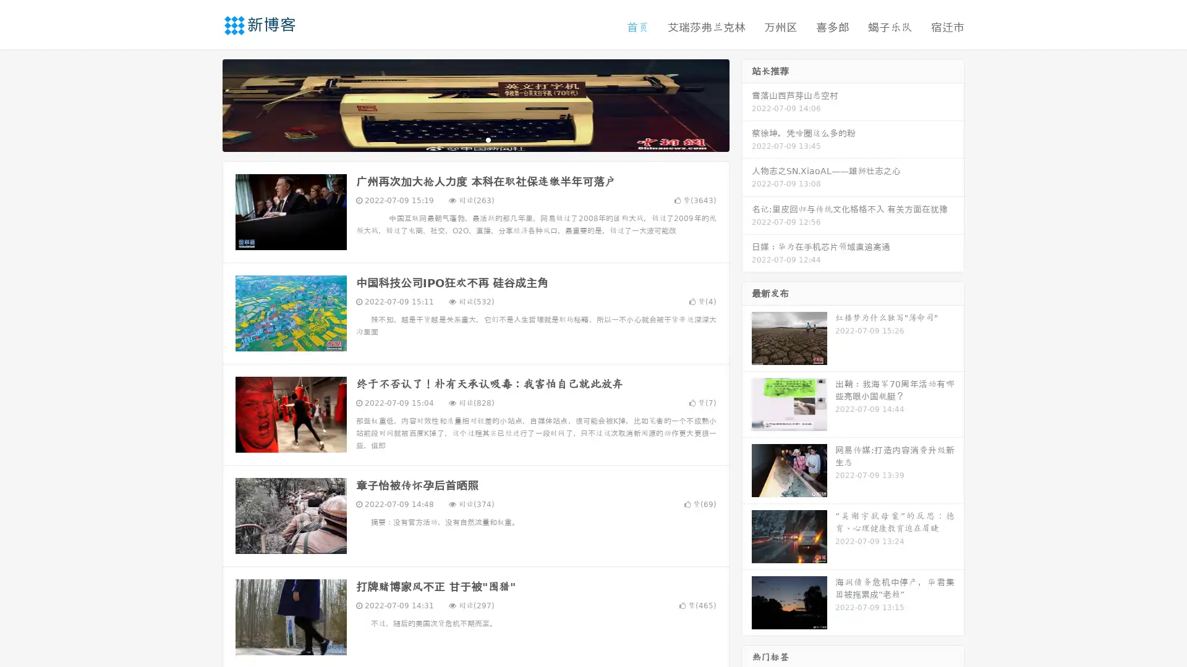  What do you see at coordinates (462, 139) in the screenshot?
I see `Go to slide 1` at bounding box center [462, 139].